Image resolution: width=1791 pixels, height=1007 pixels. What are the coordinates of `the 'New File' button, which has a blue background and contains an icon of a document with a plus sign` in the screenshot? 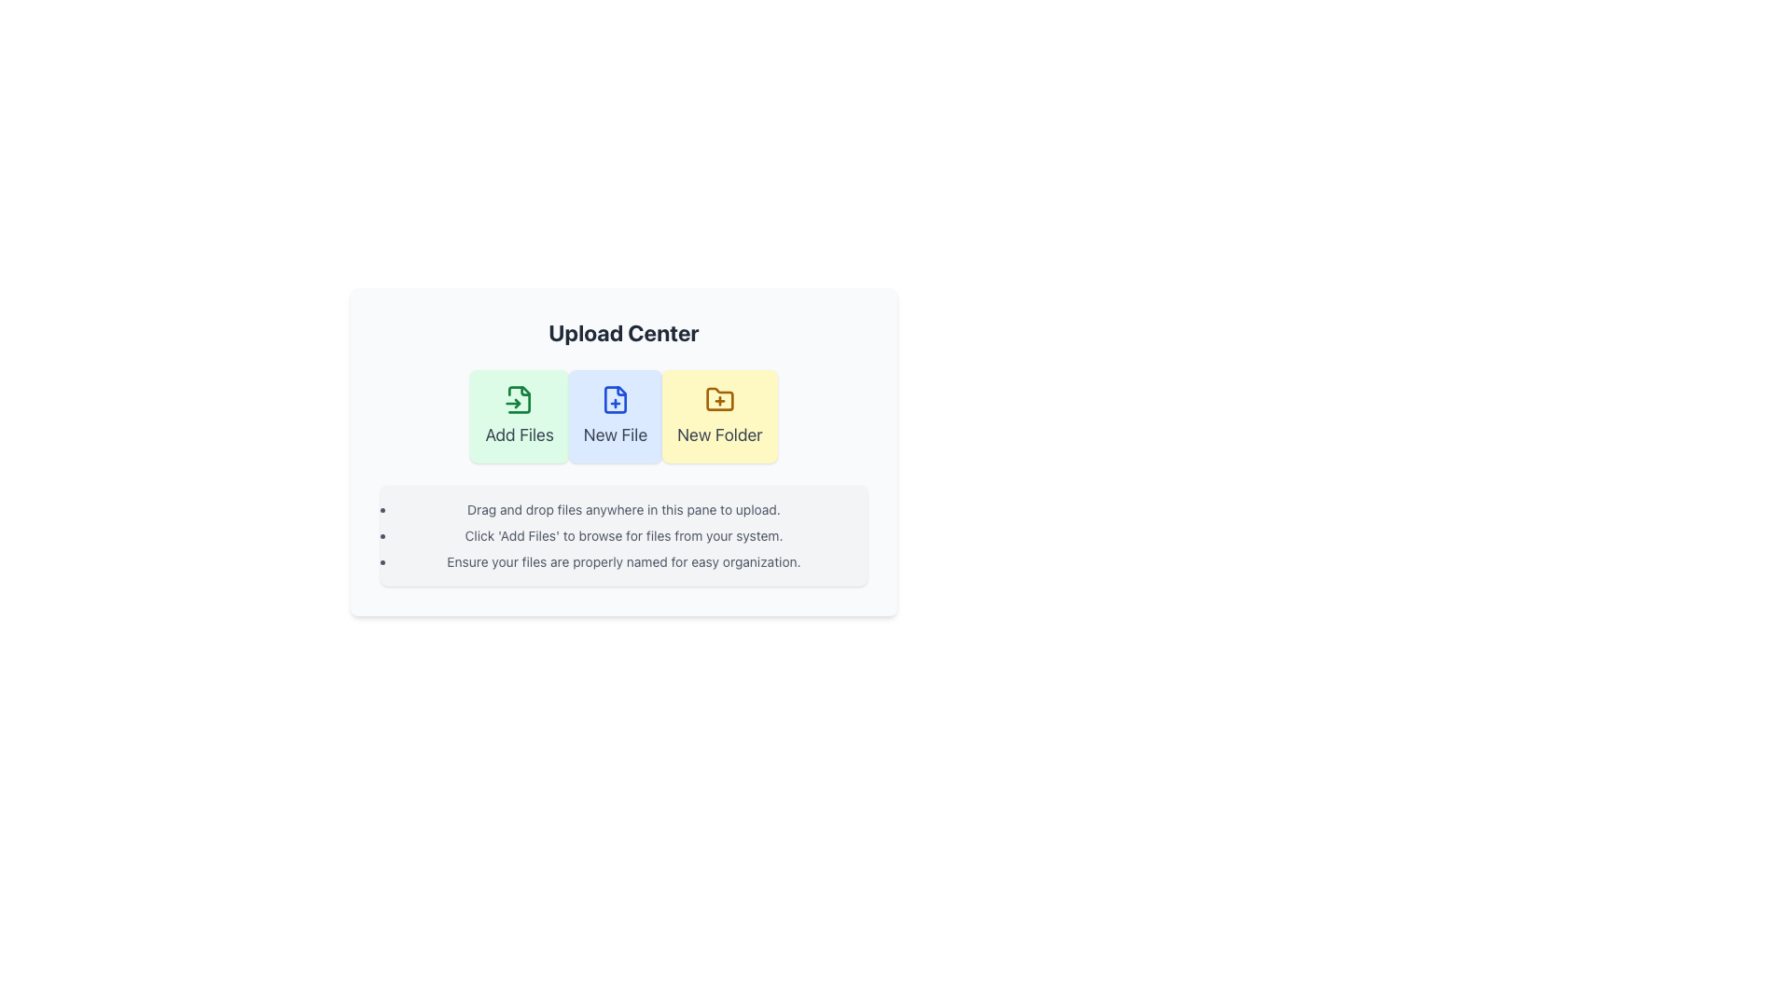 It's located at (616, 416).